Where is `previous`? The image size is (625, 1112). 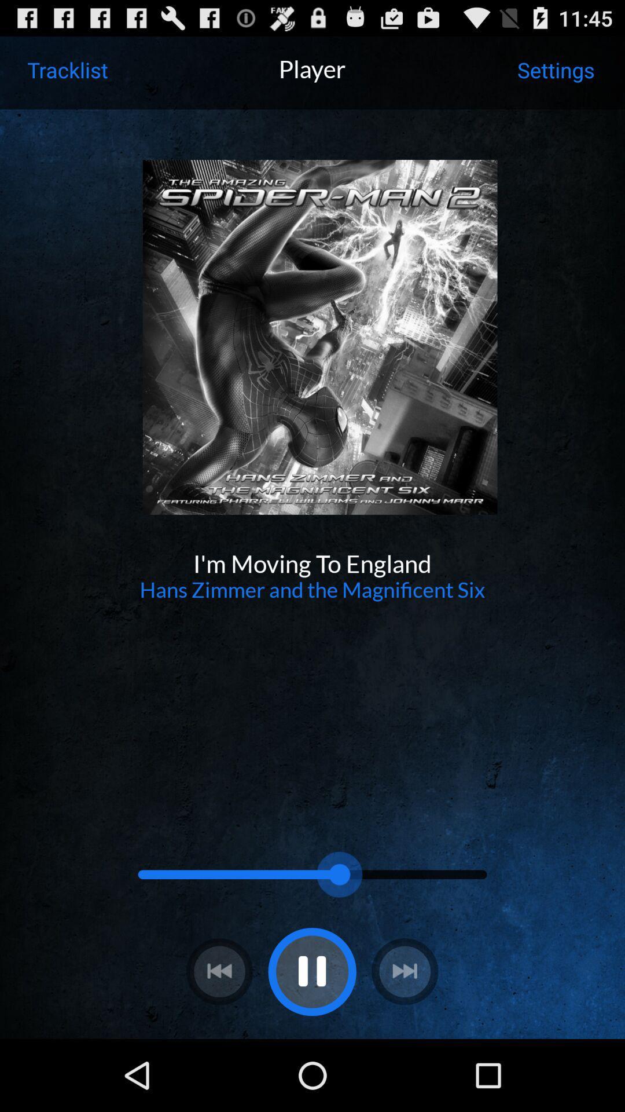 previous is located at coordinates (219, 971).